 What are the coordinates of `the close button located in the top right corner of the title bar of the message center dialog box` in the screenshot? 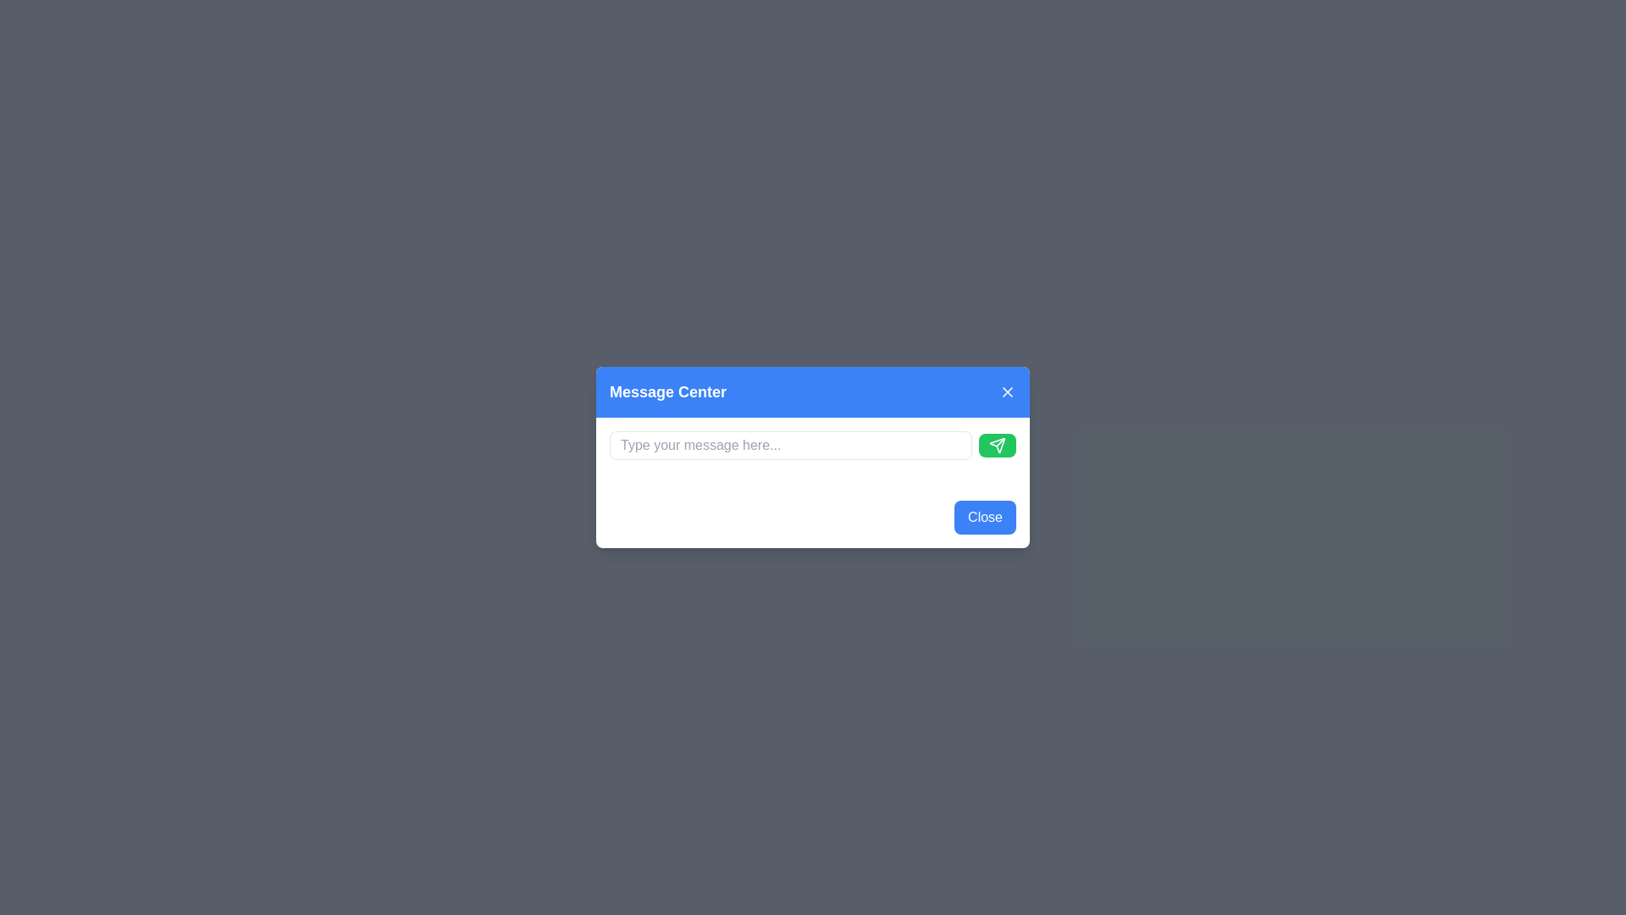 It's located at (1008, 391).